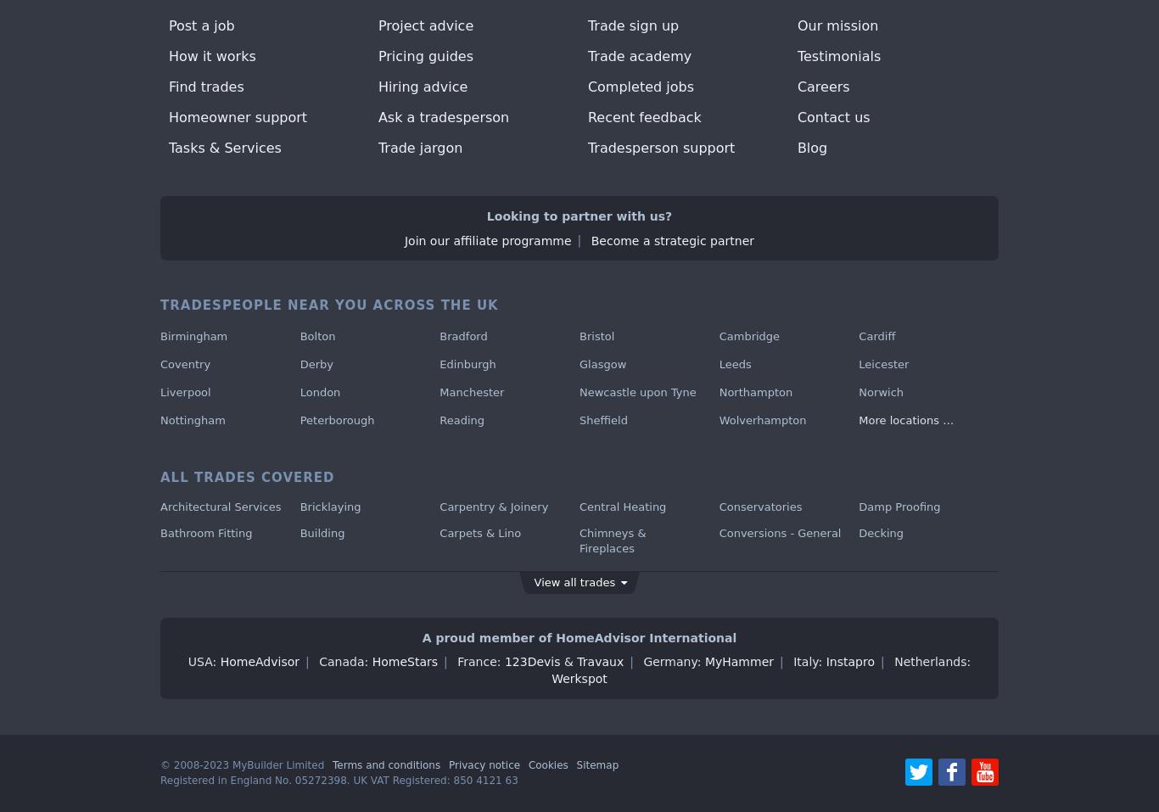 The height and width of the screenshot is (812, 1159). I want to click on 'Blog', so click(812, 148).